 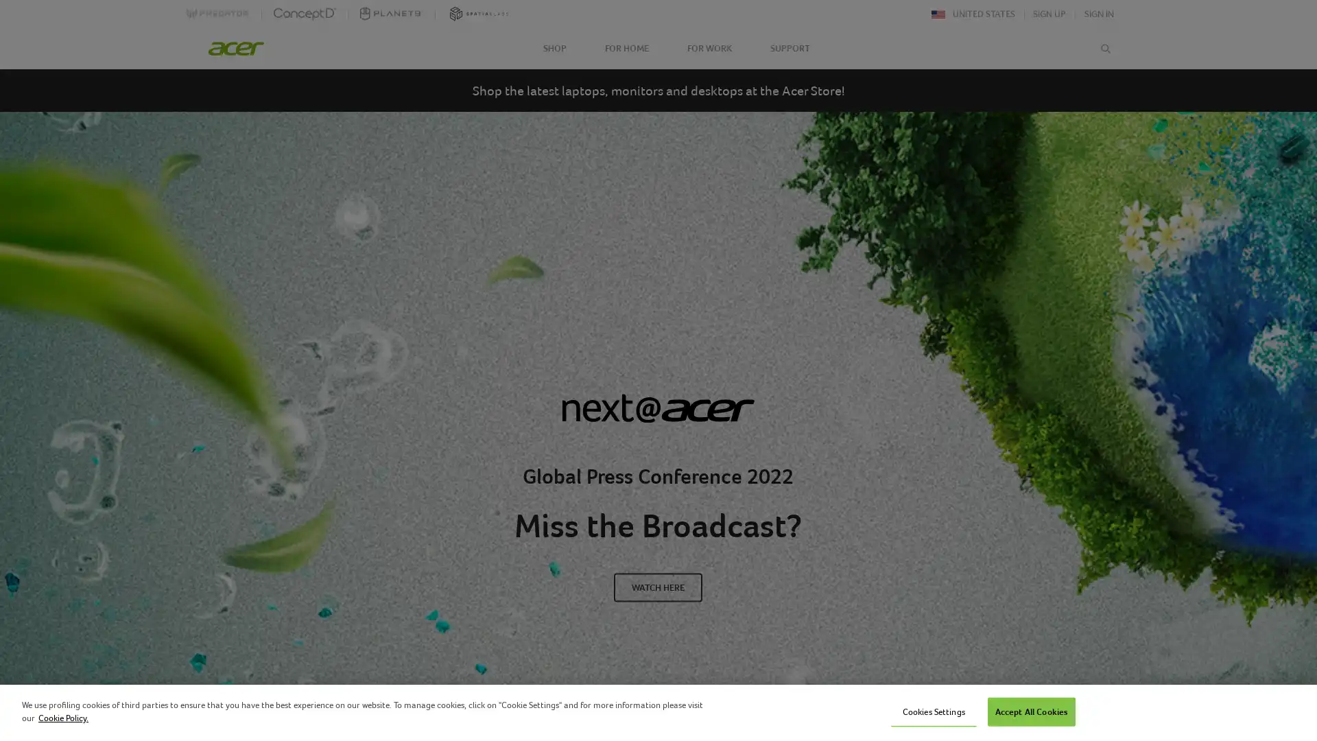 I want to click on Cookies Settings, so click(x=933, y=711).